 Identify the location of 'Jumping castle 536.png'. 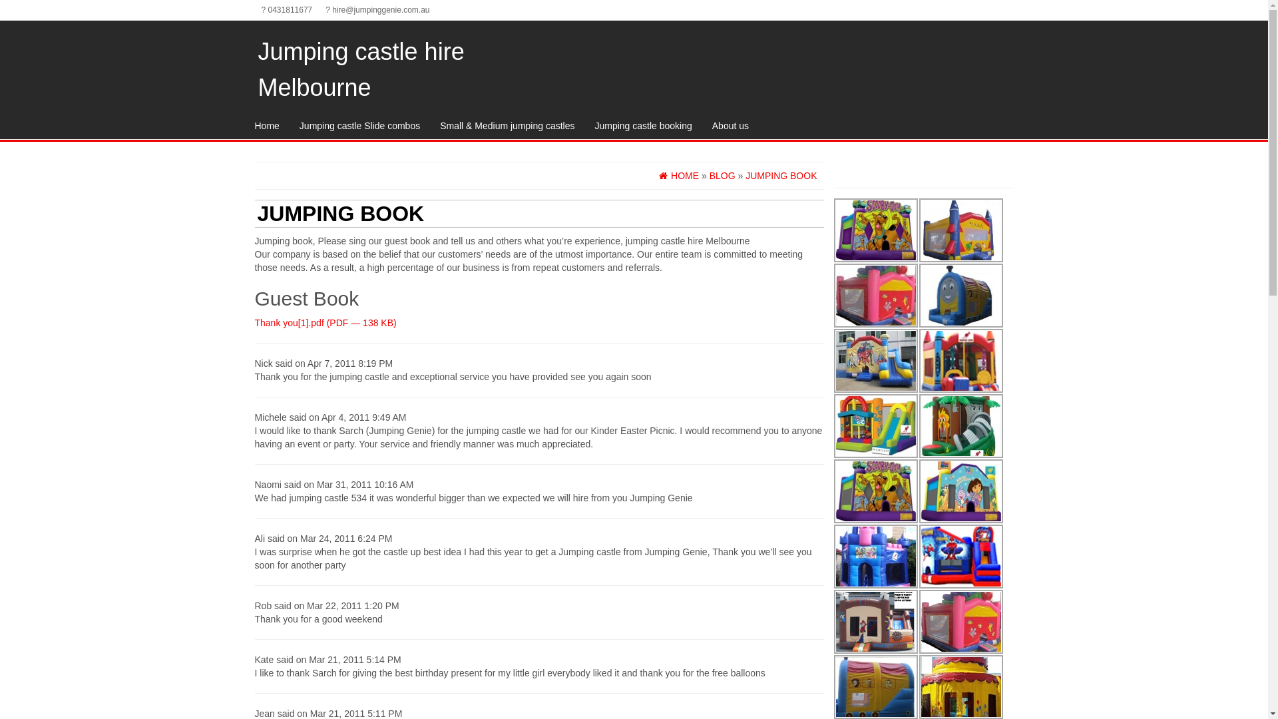
(875, 621).